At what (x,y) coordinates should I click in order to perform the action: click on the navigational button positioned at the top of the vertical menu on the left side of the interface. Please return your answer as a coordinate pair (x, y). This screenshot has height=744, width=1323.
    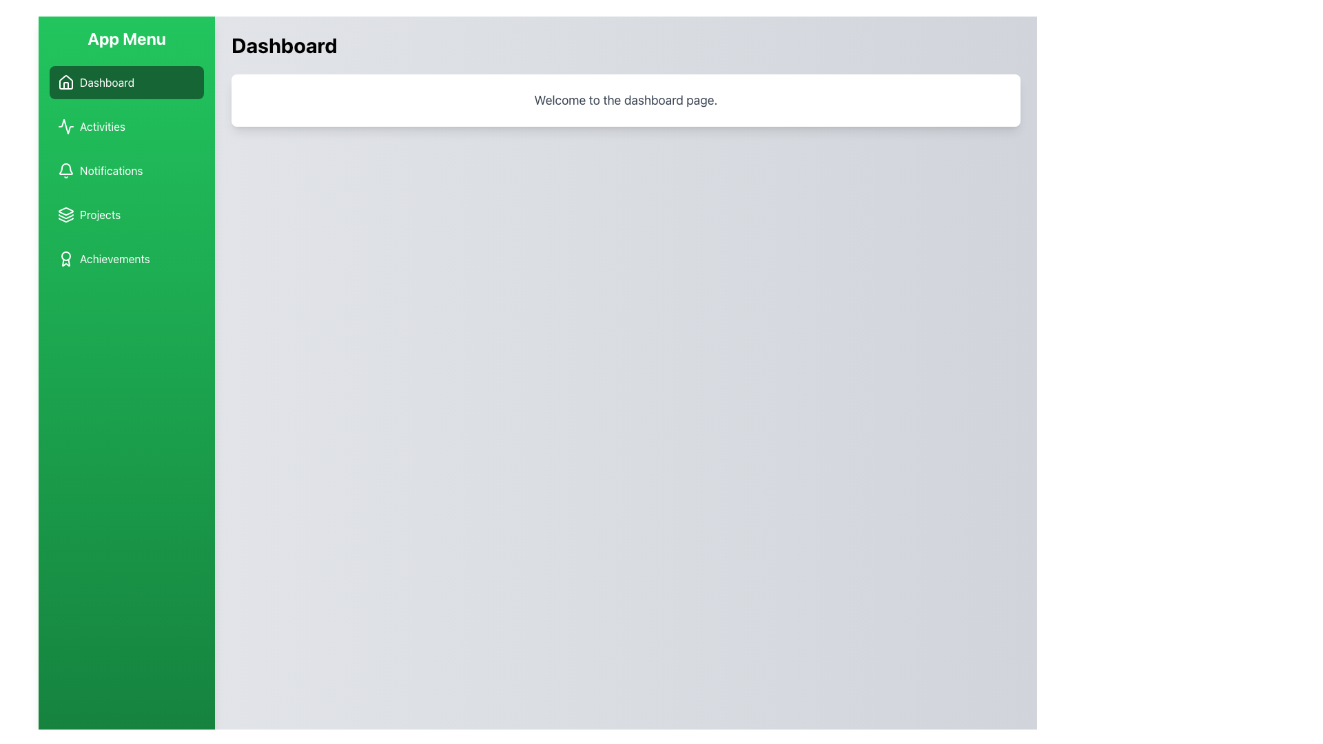
    Looking at the image, I should click on (126, 82).